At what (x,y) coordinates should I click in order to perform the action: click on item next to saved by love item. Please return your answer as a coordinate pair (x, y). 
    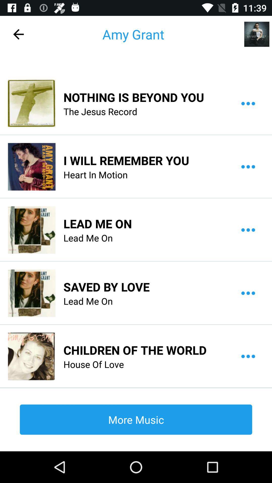
    Looking at the image, I should click on (31, 293).